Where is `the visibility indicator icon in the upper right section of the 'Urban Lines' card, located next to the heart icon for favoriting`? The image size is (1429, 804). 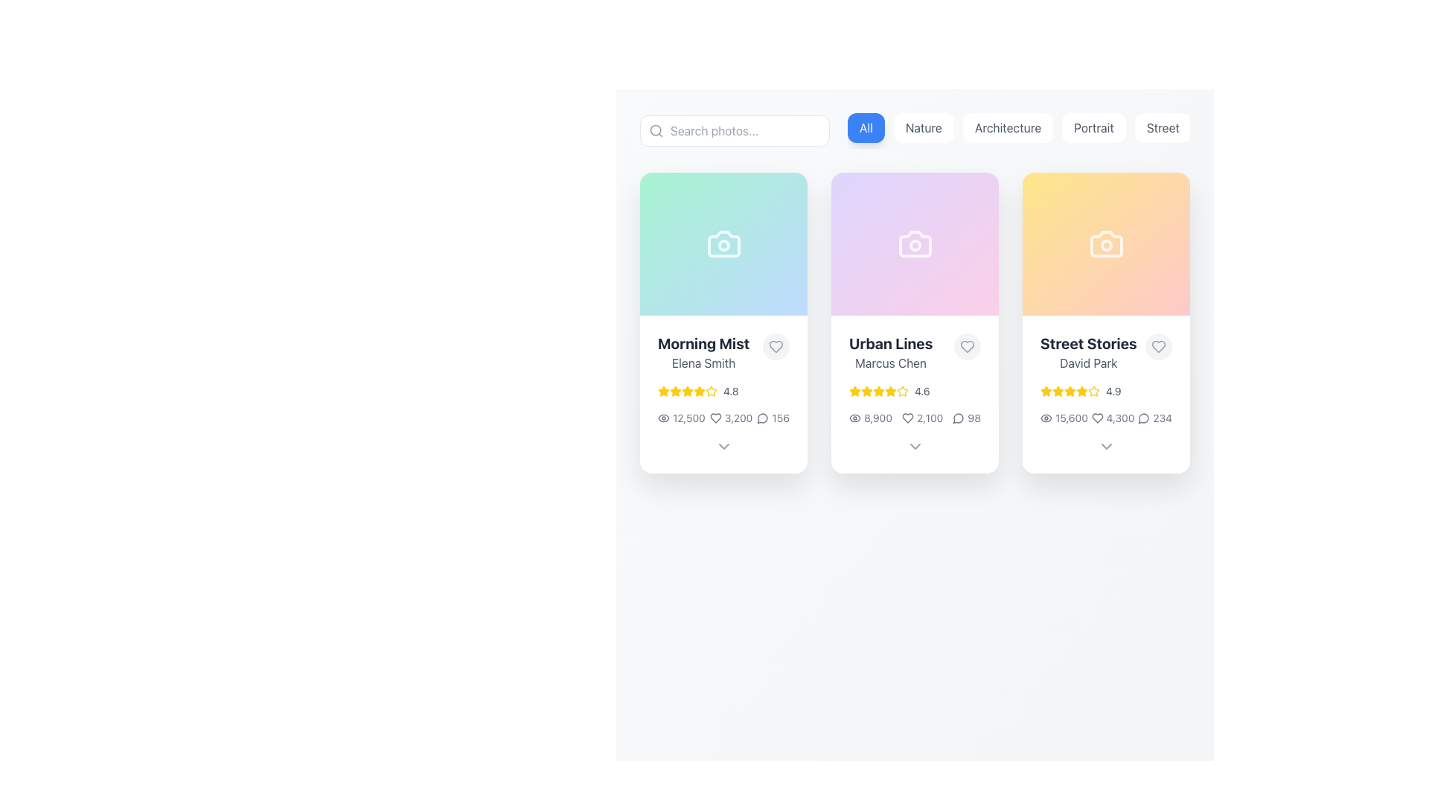 the visibility indicator icon in the upper right section of the 'Urban Lines' card, located next to the heart icon for favoriting is located at coordinates (854, 418).